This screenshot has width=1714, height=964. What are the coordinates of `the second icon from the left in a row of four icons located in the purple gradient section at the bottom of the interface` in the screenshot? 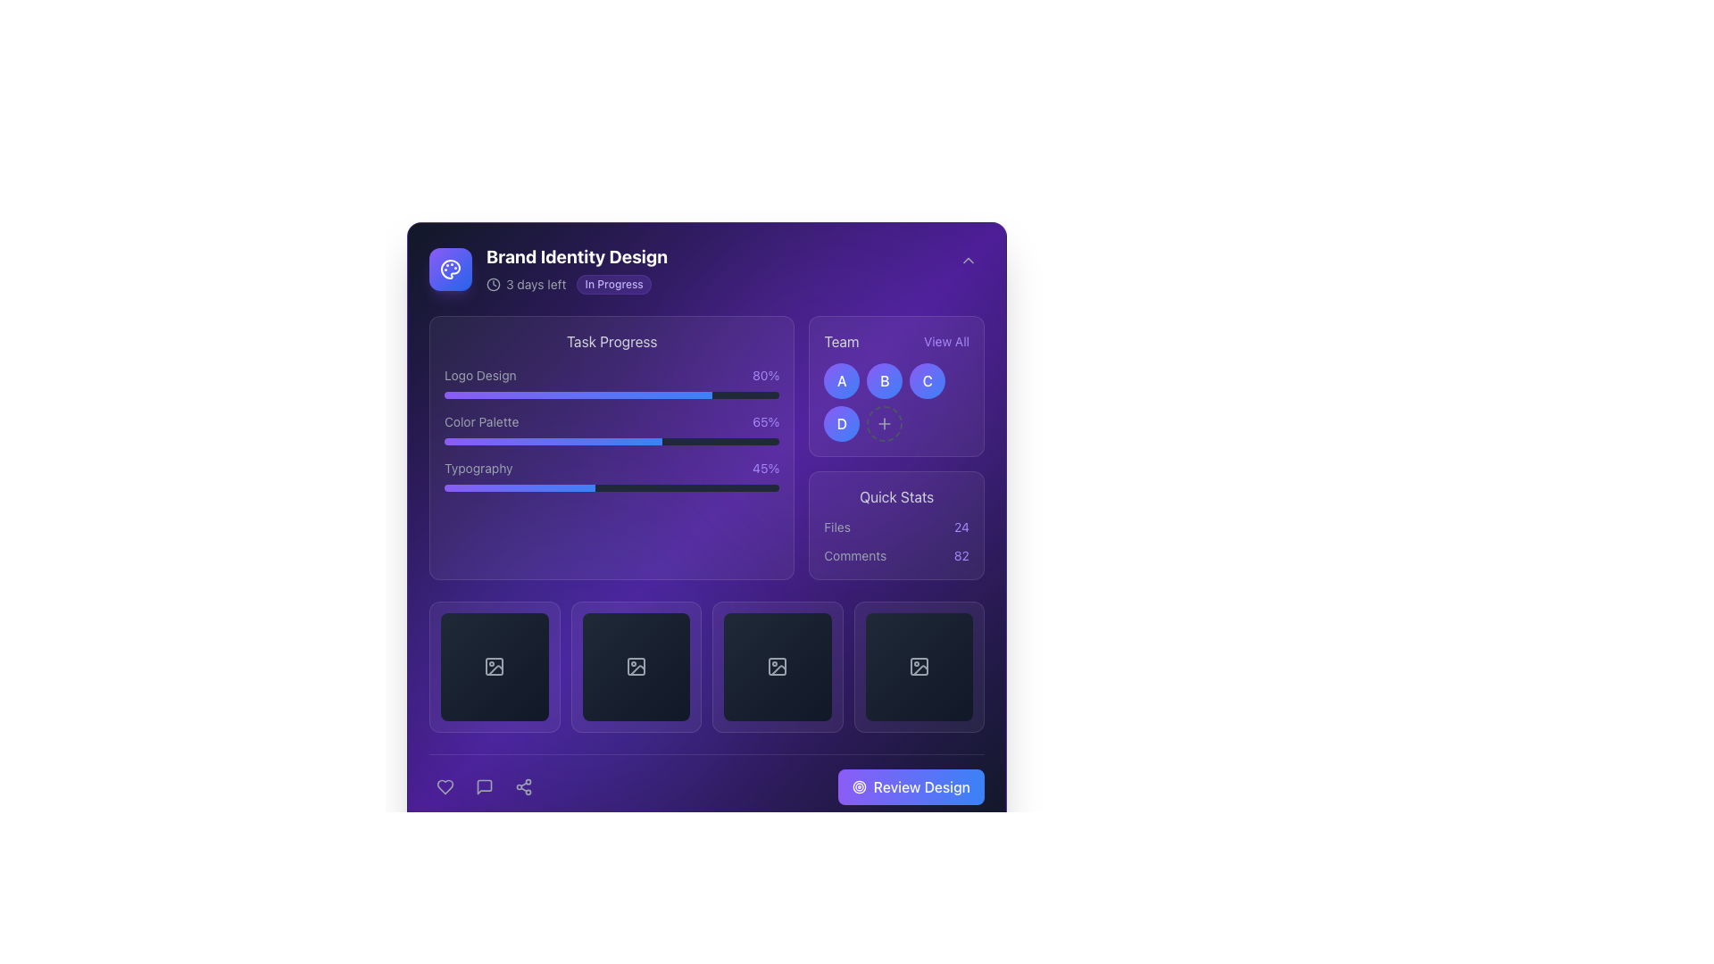 It's located at (636, 667).